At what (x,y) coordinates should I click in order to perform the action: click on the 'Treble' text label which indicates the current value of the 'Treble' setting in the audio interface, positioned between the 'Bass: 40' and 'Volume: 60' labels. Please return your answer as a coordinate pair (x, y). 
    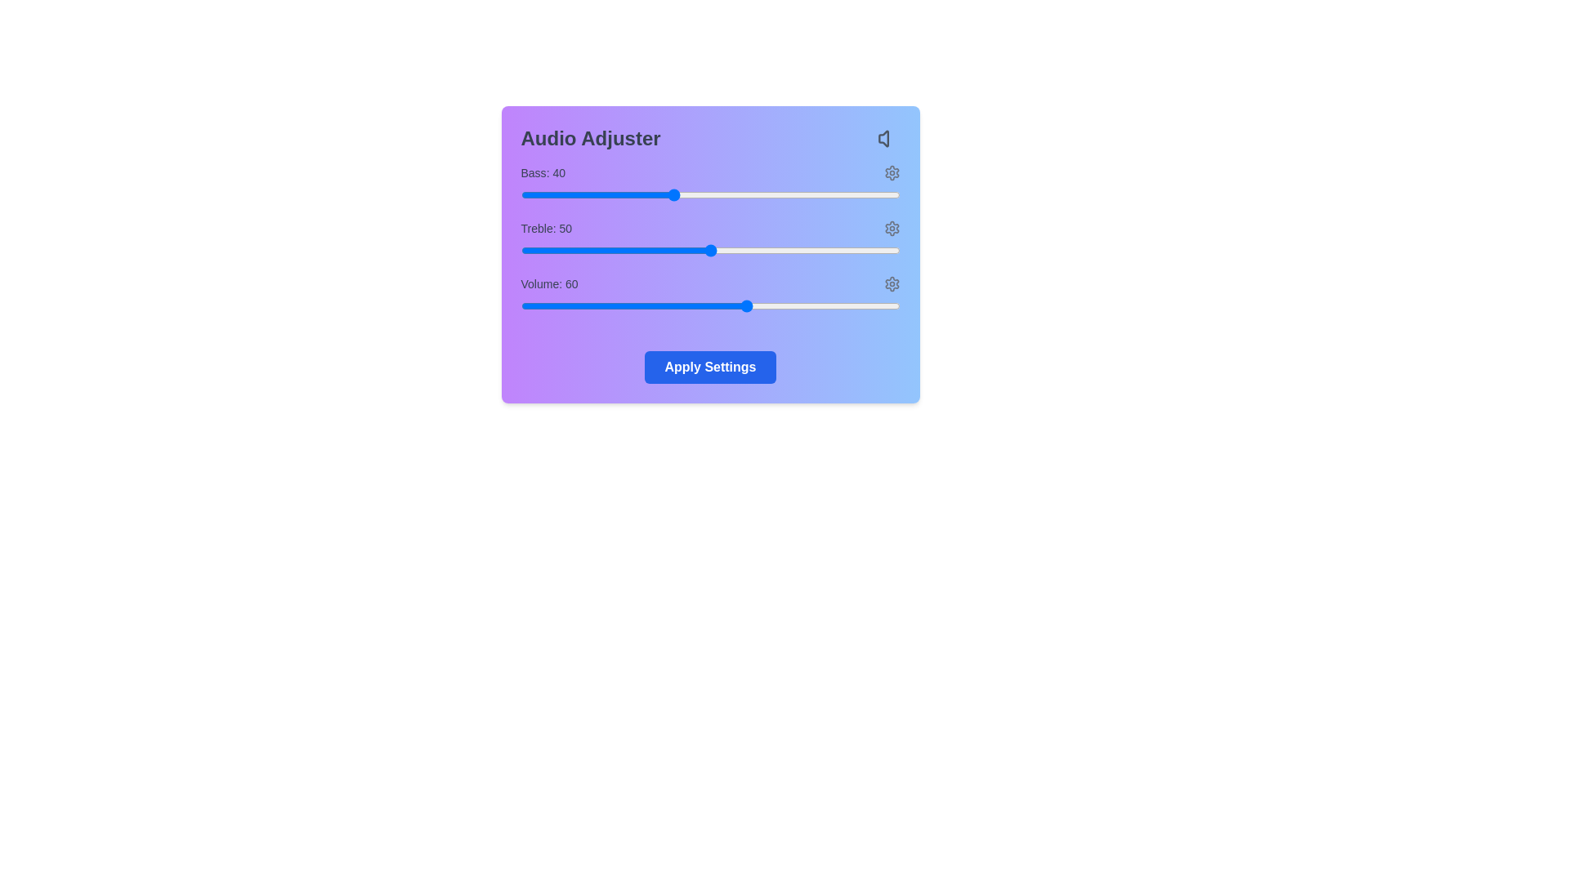
    Looking at the image, I should click on (546, 229).